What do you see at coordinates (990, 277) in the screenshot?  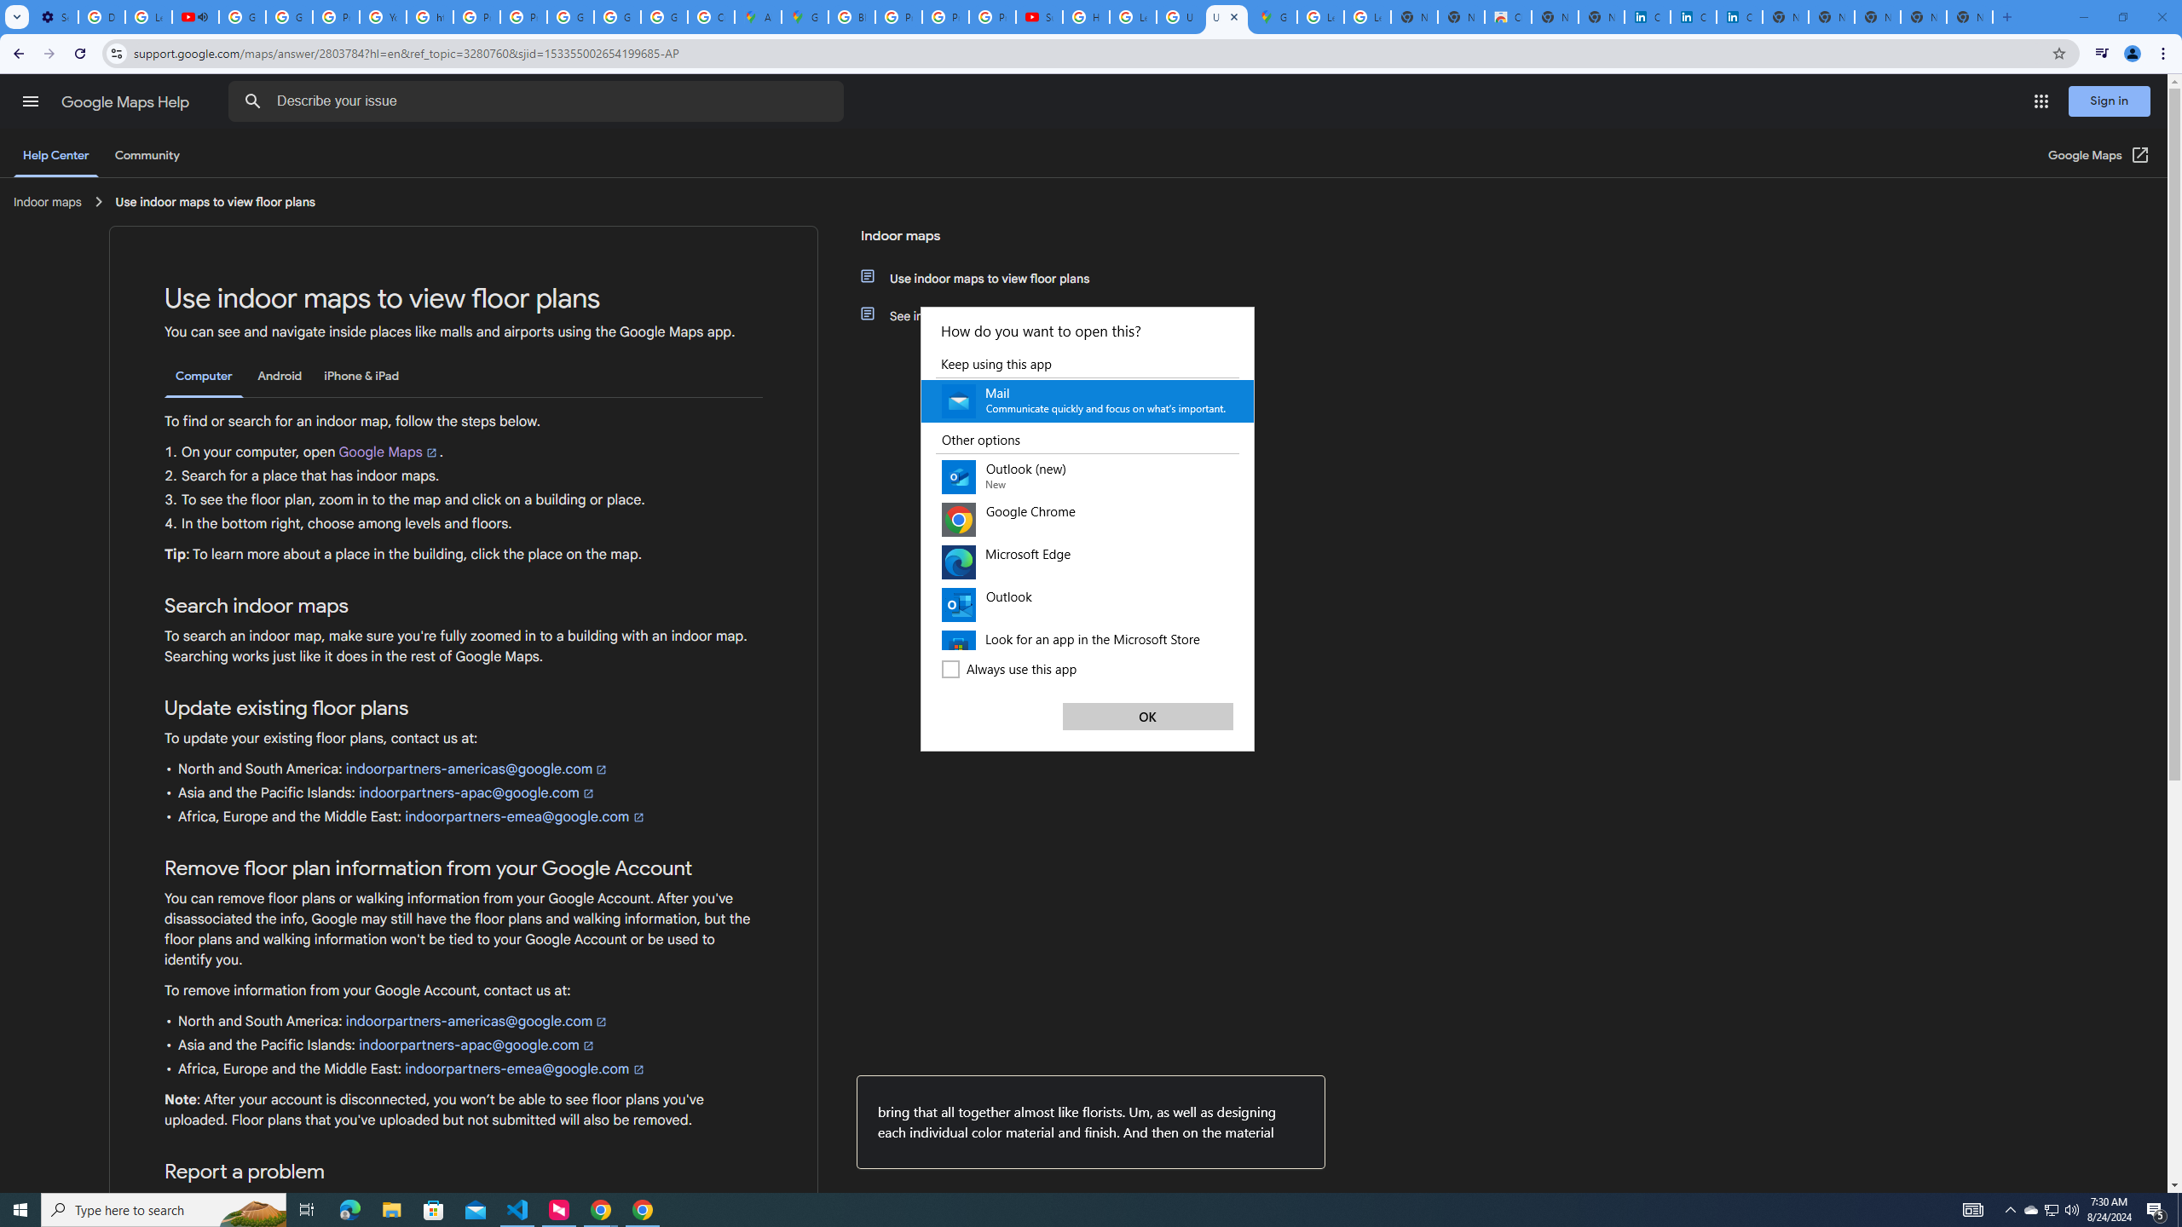 I see `'Use indoor maps to view floor plans'` at bounding box center [990, 277].